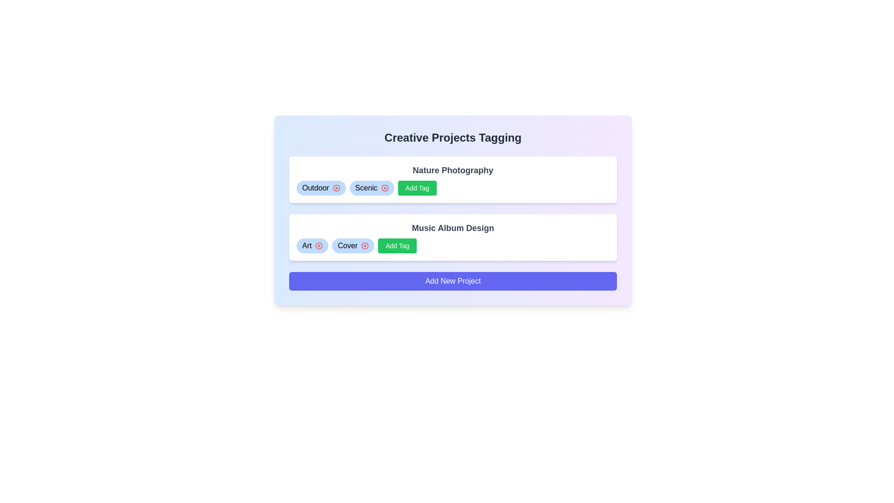 This screenshot has height=503, width=894. I want to click on the green 'Add Tag' button with white text, so click(397, 245).